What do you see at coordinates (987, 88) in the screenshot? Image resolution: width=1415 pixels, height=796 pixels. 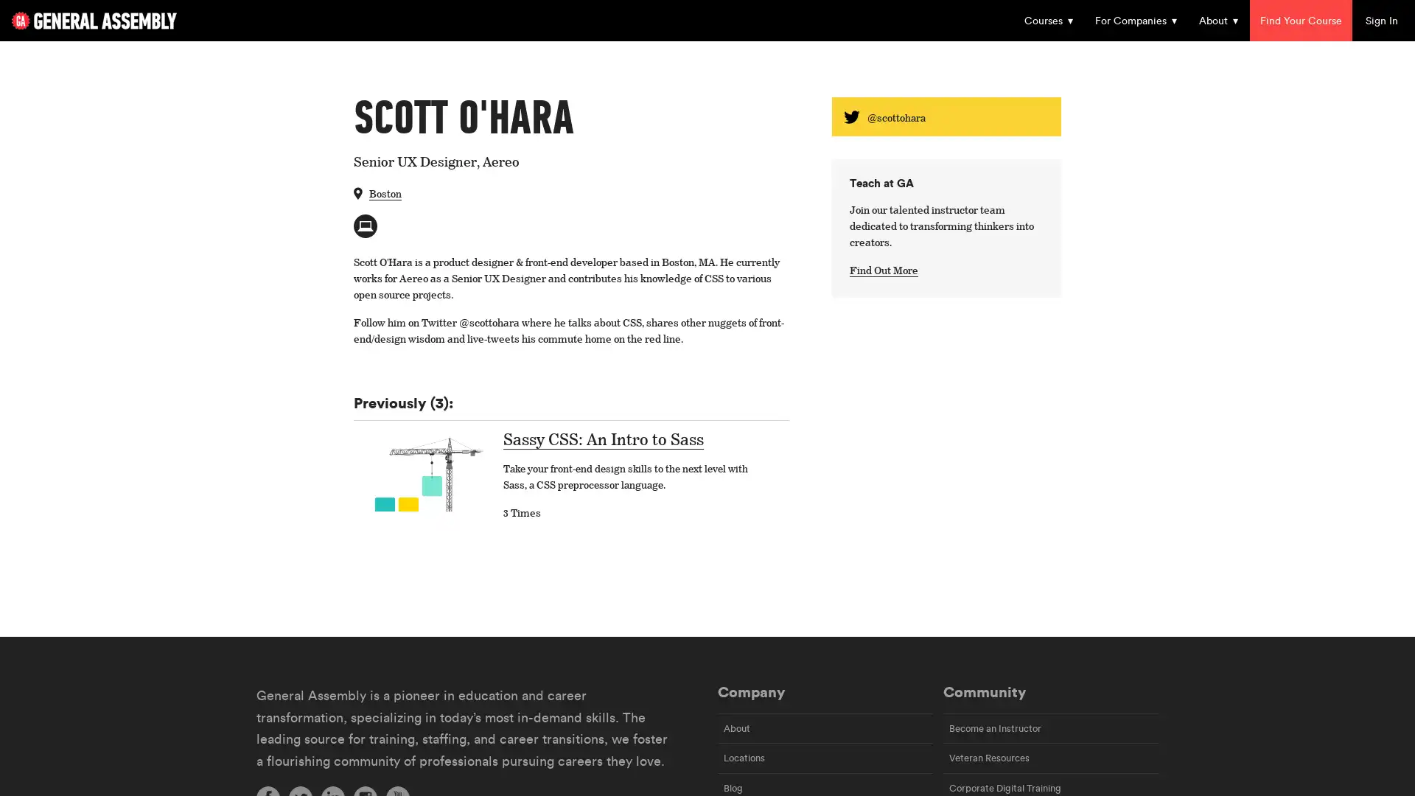 I see `Close` at bounding box center [987, 88].